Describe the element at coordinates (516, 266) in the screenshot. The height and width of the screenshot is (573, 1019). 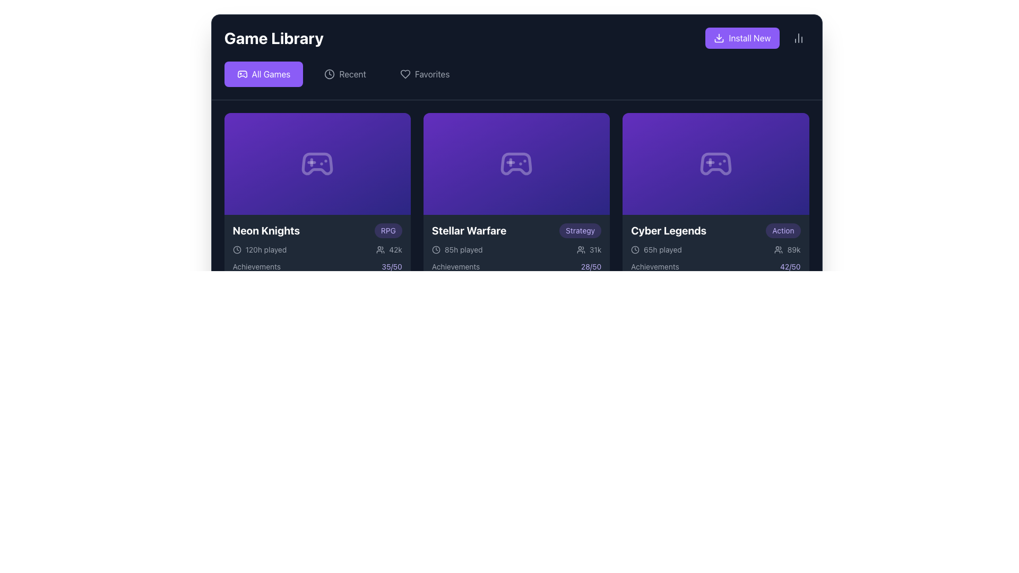
I see `the text display with progress information labeled 'Achievements' that shows the current progress '28/50' in the lower part of the middle card of three cards` at that location.